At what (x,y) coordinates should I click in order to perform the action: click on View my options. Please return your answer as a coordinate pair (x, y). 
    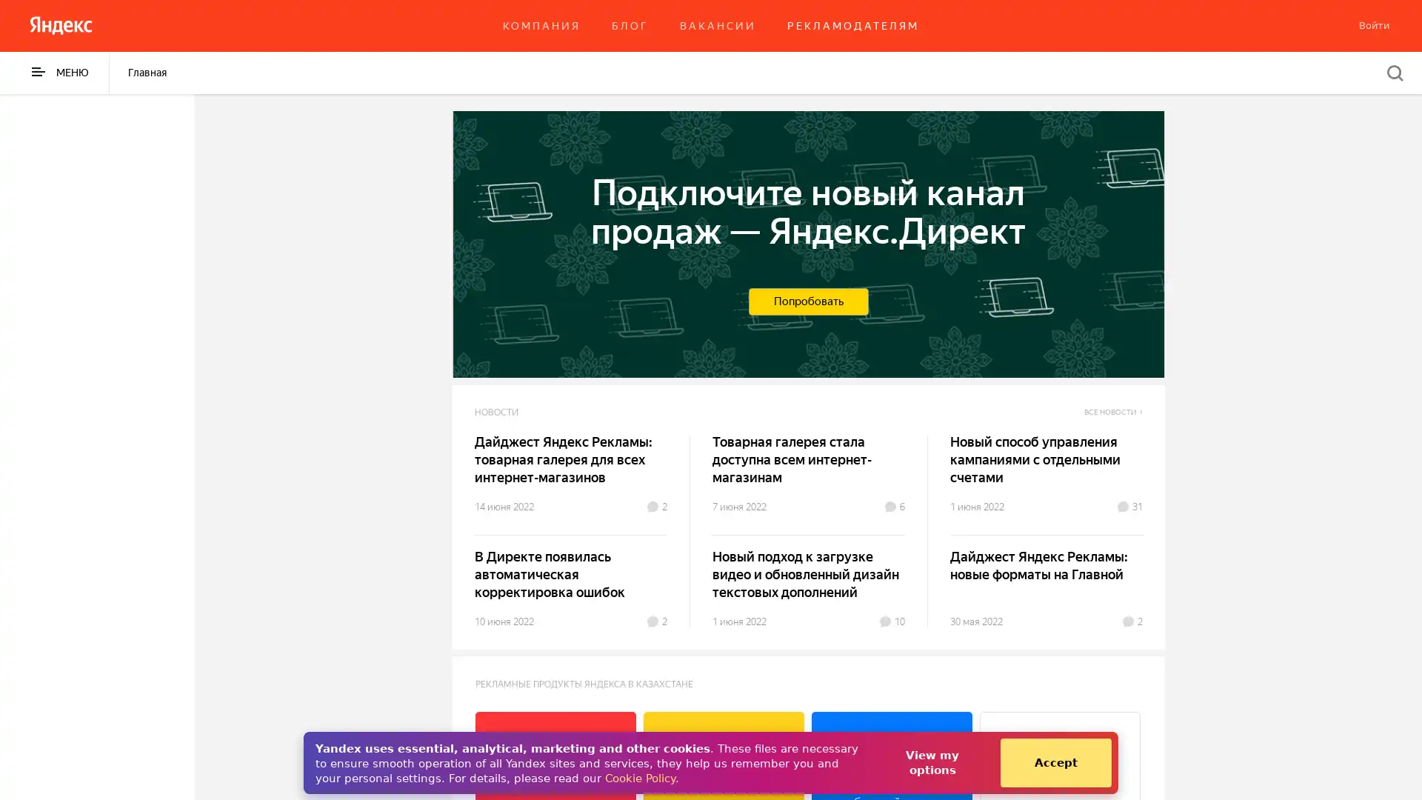
    Looking at the image, I should click on (931, 762).